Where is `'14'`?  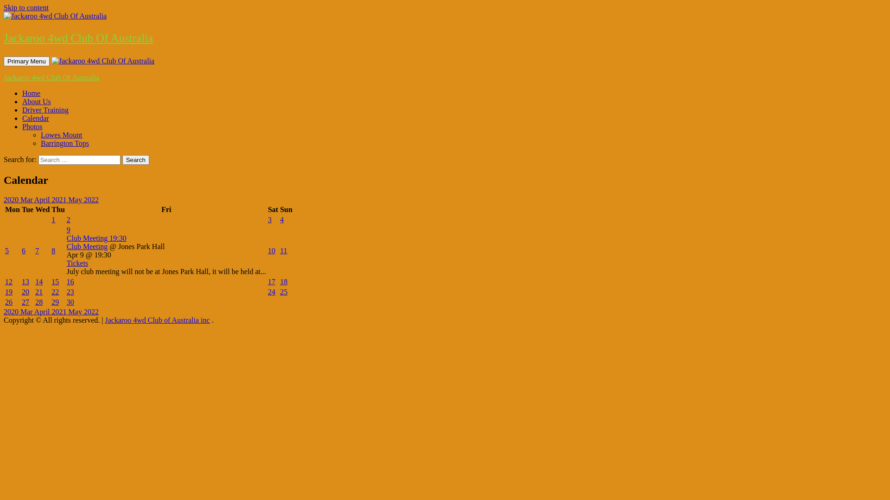
'14' is located at coordinates (35, 281).